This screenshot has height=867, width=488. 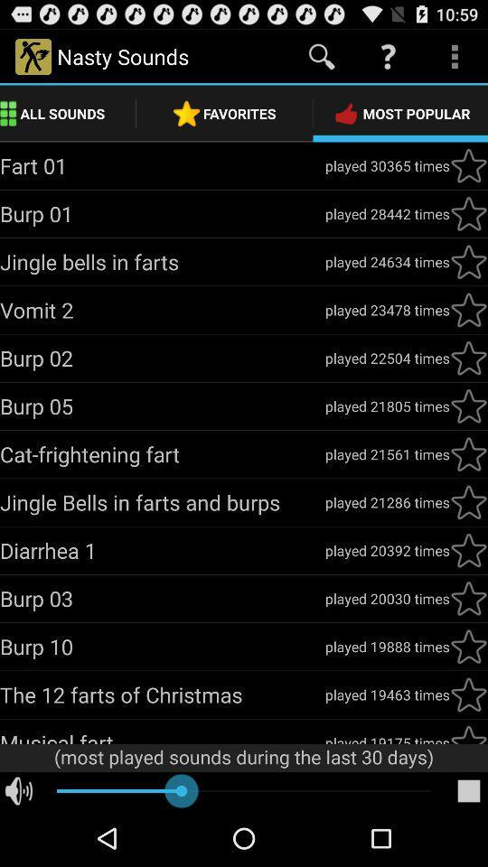 I want to click on the app next to the burp 05 item, so click(x=386, y=406).